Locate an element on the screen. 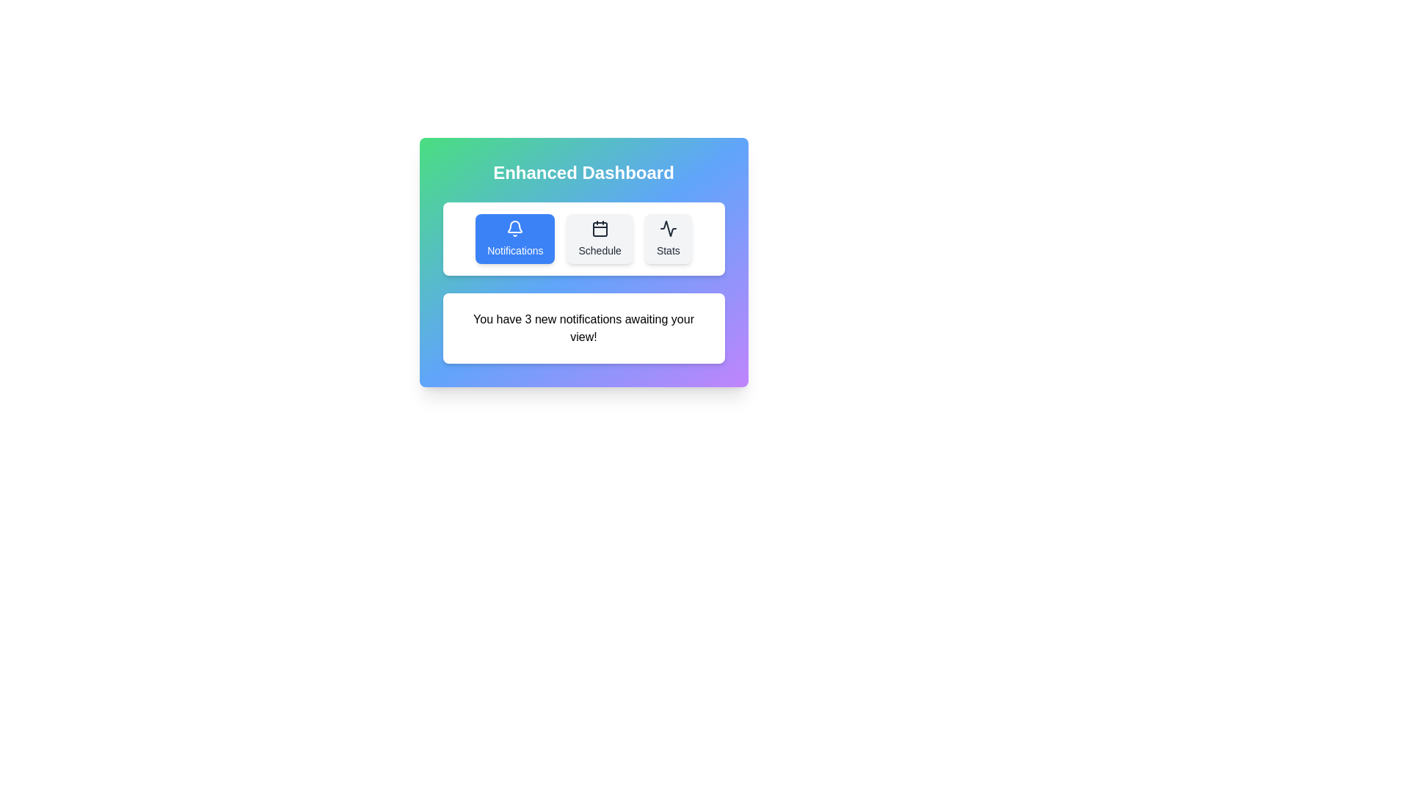 The image size is (1409, 792). the 'Schedule' button which contains a calendar icon, located in the middle of three horizontally arranged buttons below 'Enhanced Dashboard' is located at coordinates (600, 229).